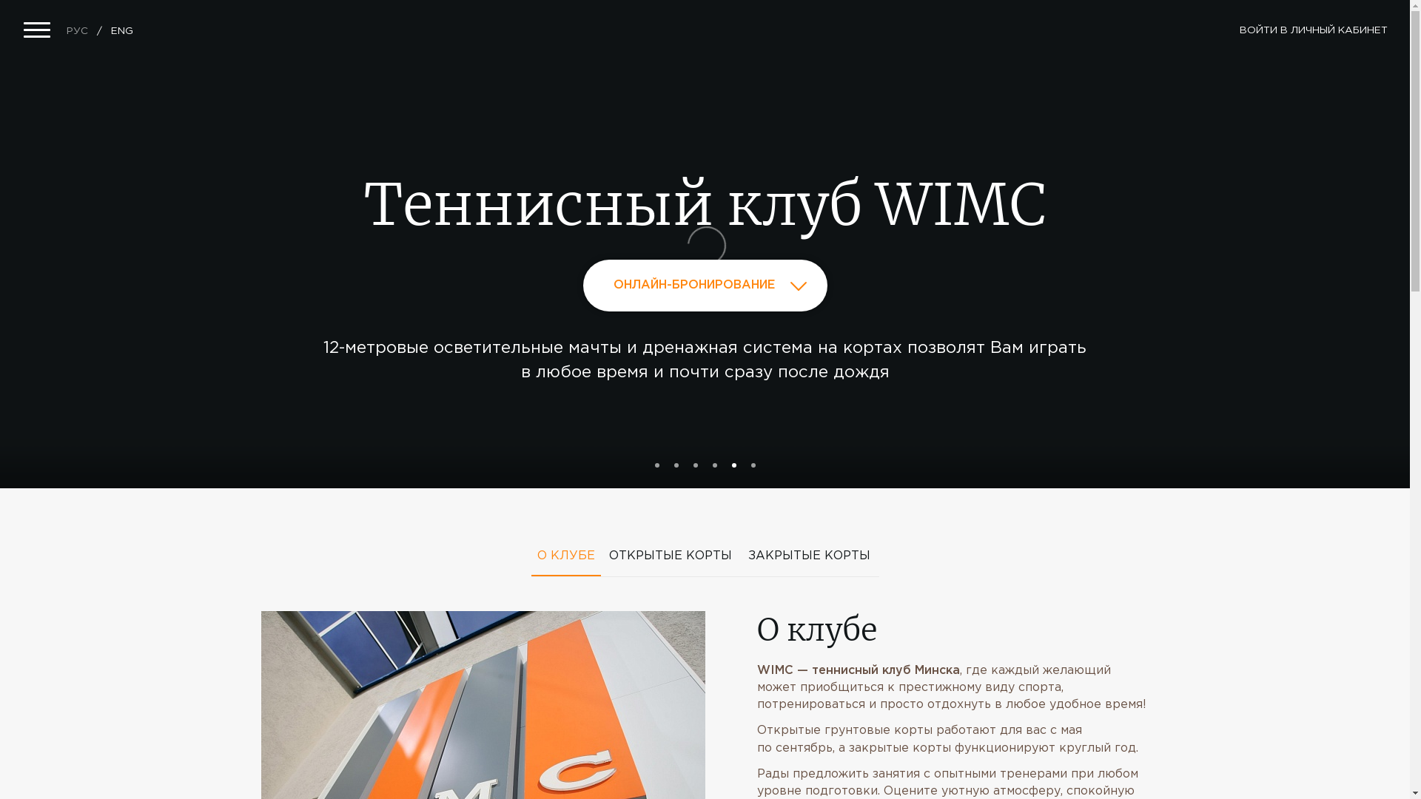 This screenshot has height=799, width=1421. Describe the element at coordinates (1224, 250) in the screenshot. I see `'Next'` at that location.